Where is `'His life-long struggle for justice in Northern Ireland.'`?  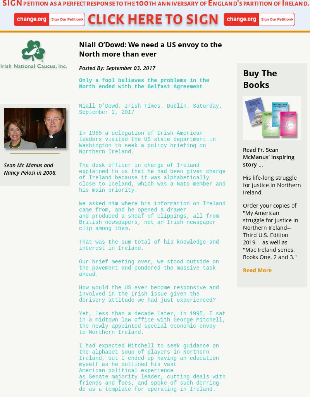 'His life-long struggle for justice in Northern Ireland.' is located at coordinates (272, 184).